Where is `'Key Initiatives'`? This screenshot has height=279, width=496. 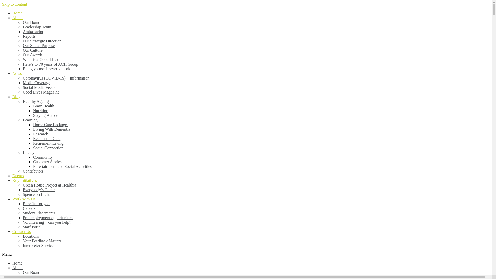
'Key Initiatives' is located at coordinates (12, 180).